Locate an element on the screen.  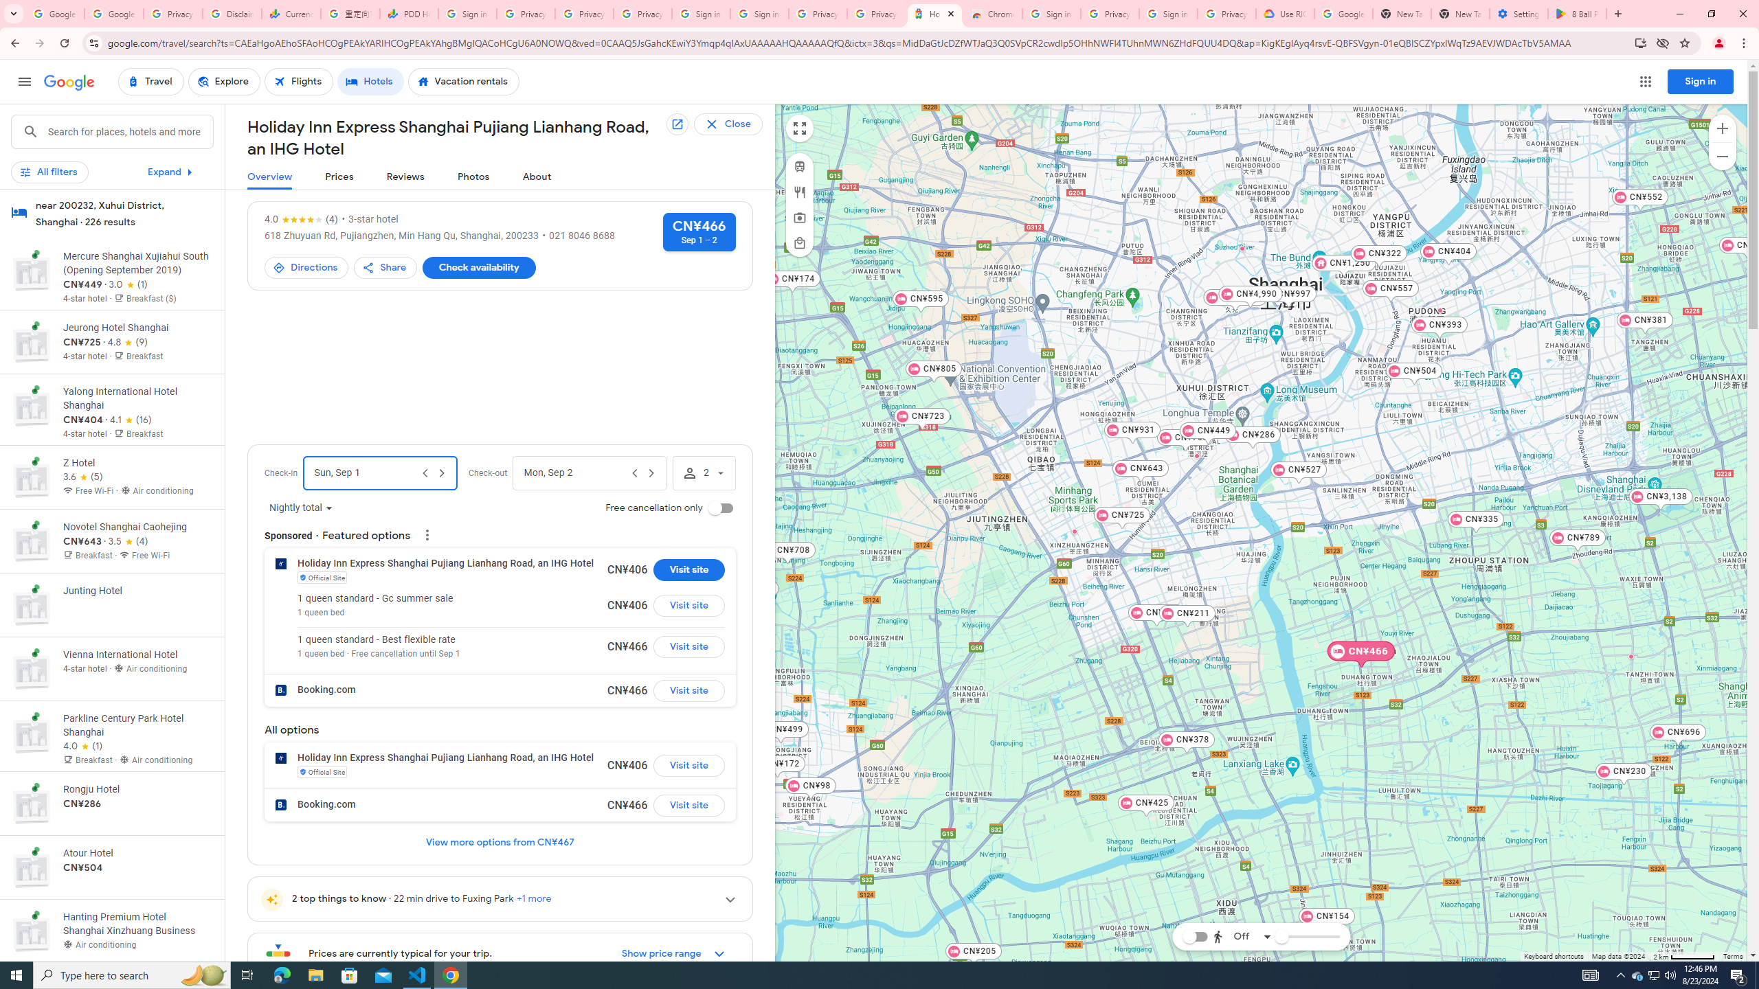
'Vacation rentals' is located at coordinates (463, 81).